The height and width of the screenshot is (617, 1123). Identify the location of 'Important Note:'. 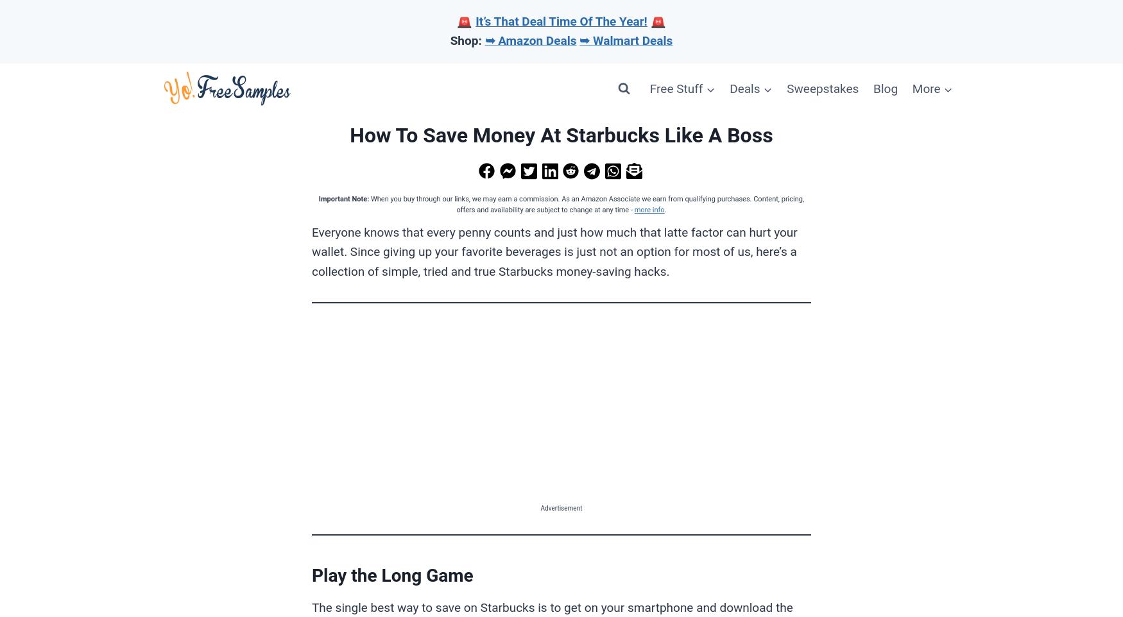
(343, 198).